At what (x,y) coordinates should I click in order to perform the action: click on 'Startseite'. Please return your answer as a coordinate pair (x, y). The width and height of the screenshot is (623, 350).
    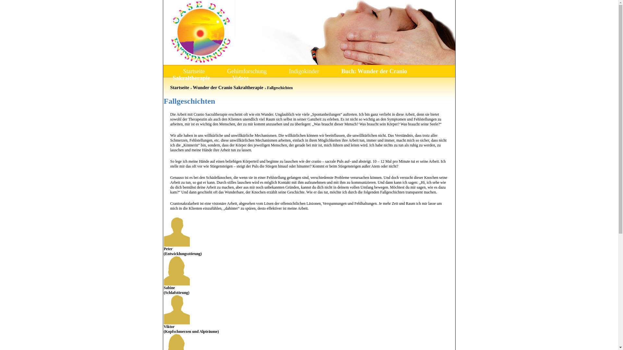
    Looking at the image, I should click on (183, 71).